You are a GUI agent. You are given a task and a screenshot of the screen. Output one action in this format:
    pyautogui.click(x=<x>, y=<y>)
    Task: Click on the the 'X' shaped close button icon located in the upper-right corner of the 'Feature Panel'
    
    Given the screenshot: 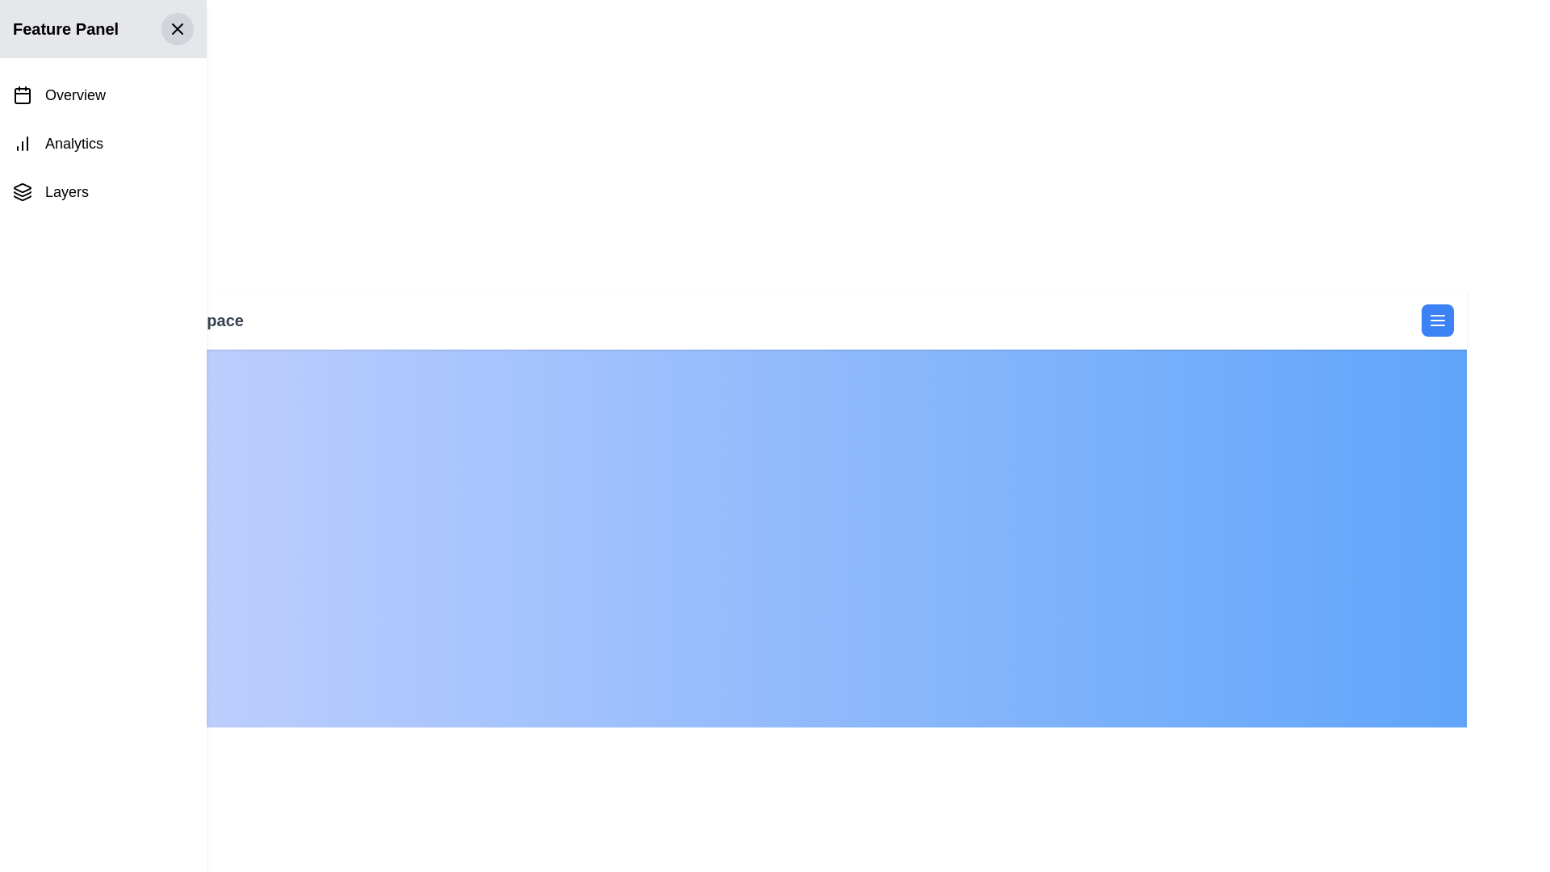 What is the action you would take?
    pyautogui.click(x=178, y=28)
    